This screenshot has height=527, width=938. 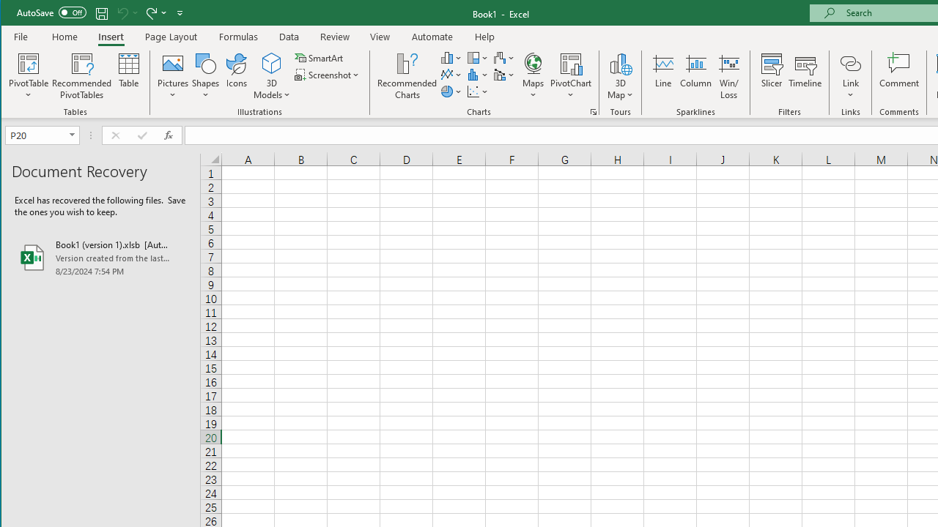 I want to click on 'Redo', so click(x=150, y=12).